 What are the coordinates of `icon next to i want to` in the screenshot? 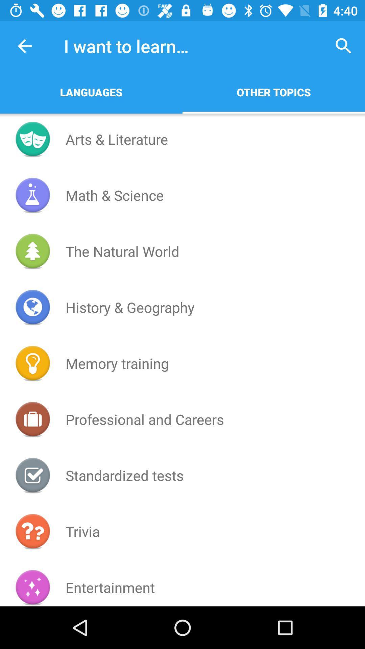 It's located at (344, 46).